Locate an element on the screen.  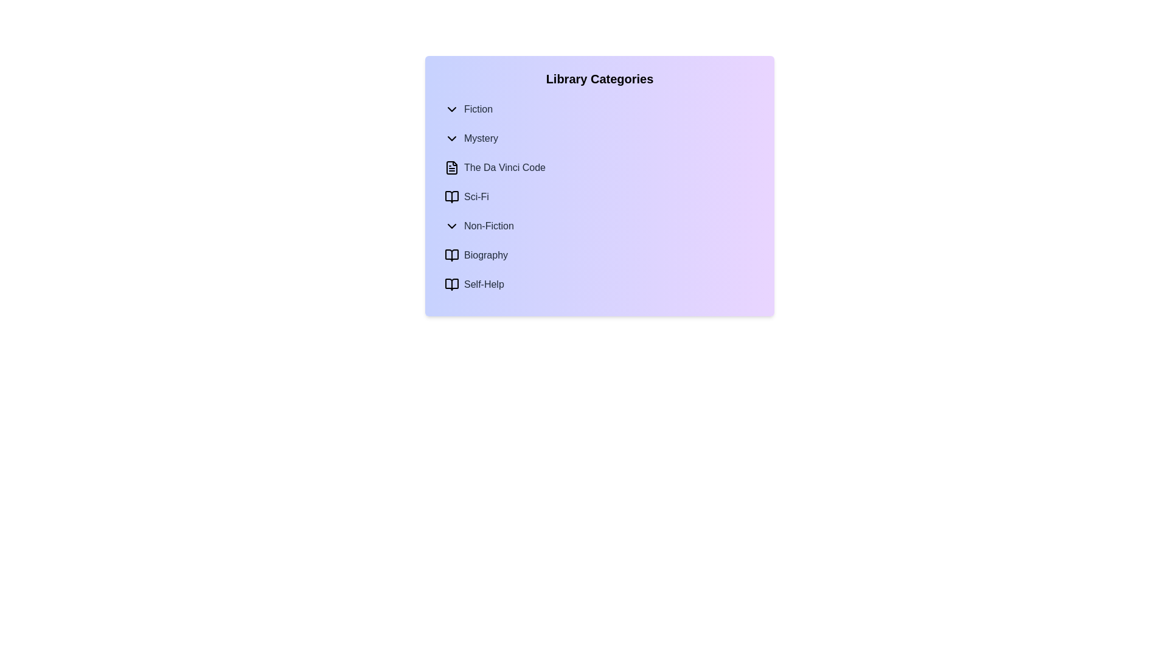
the graphic icon resembling an open book located to the left of the 'Self-Help' label in the library categories list is located at coordinates (451, 284).